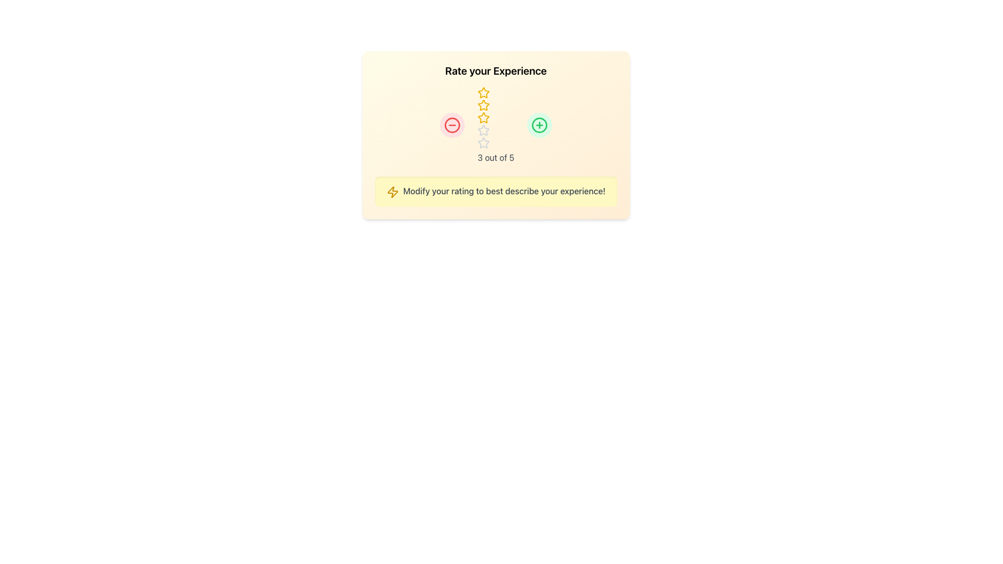  I want to click on the second yellow star icon in the rating component to provide a rating, so click(483, 105).